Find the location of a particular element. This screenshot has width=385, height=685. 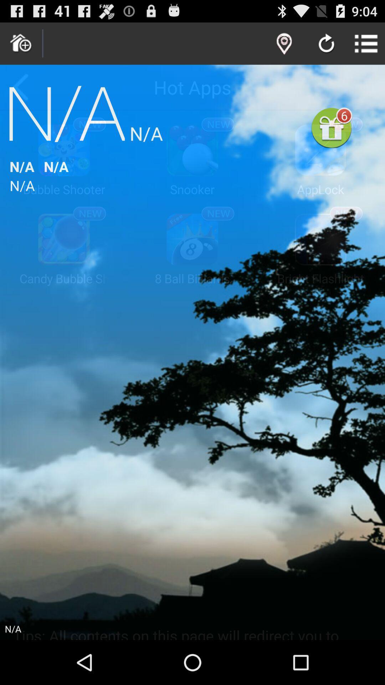

open options is located at coordinates (366, 43).